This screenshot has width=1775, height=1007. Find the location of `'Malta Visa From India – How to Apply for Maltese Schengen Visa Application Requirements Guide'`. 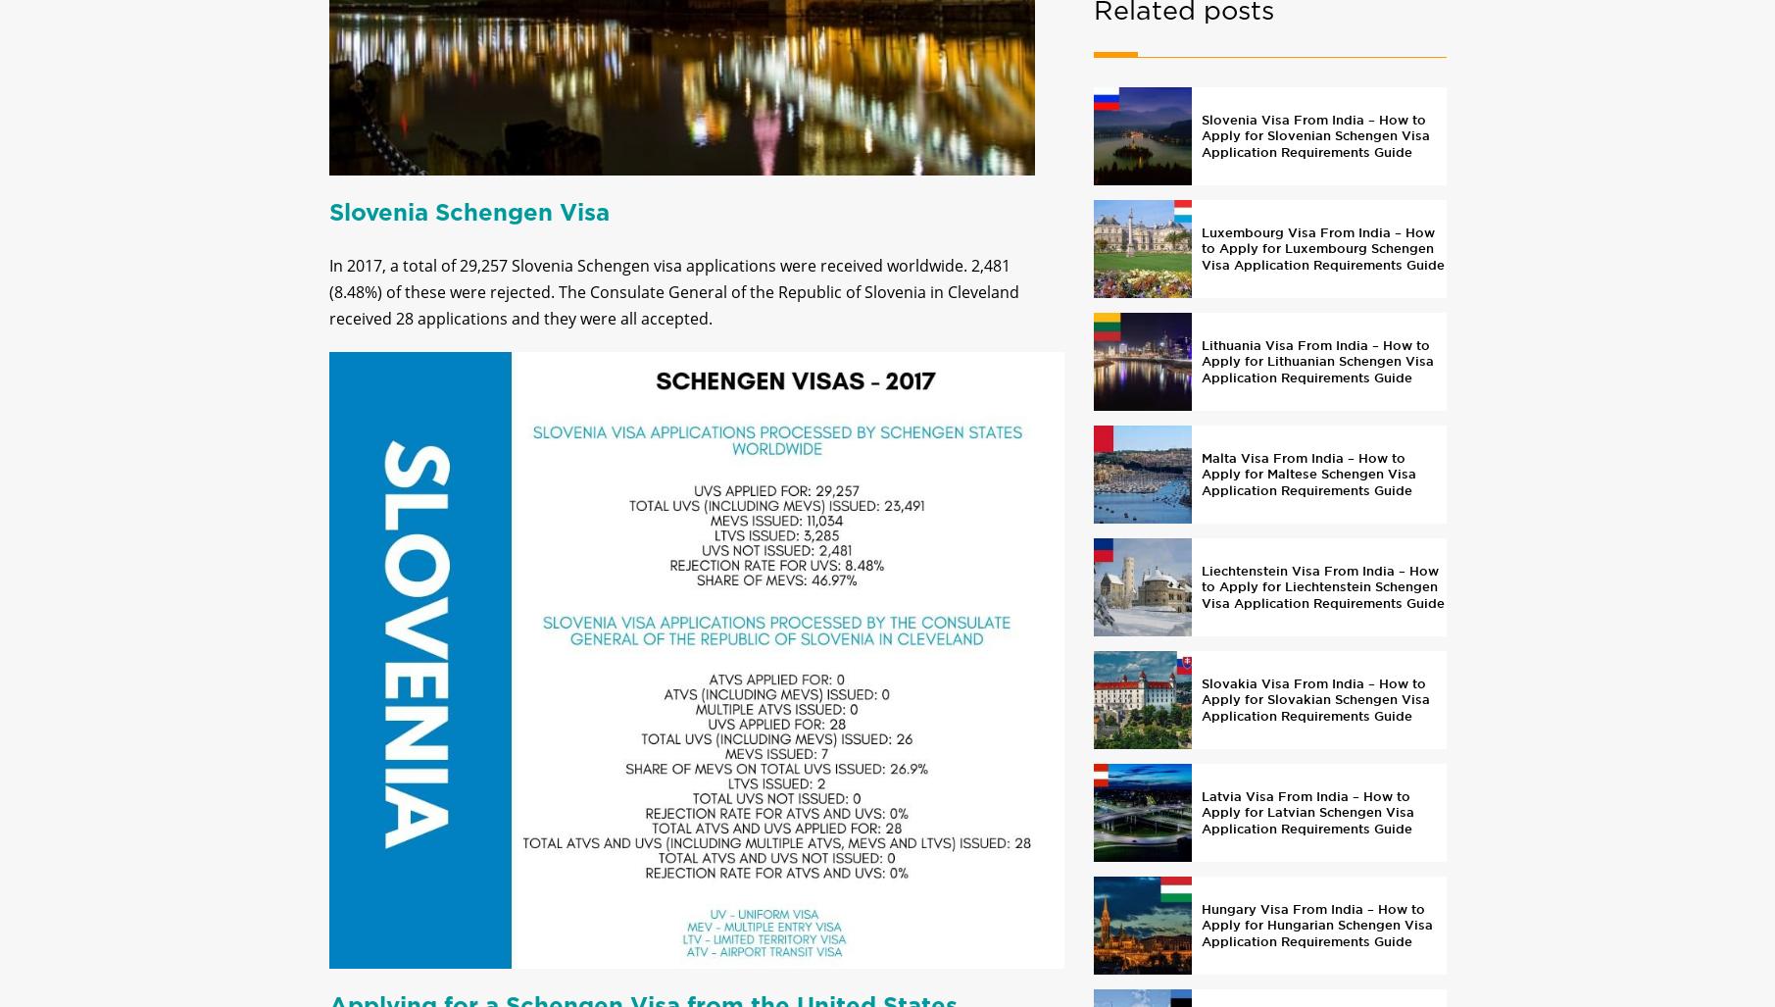

'Malta Visa From India – How to Apply for Maltese Schengen Visa Application Requirements Guide' is located at coordinates (1307, 490).